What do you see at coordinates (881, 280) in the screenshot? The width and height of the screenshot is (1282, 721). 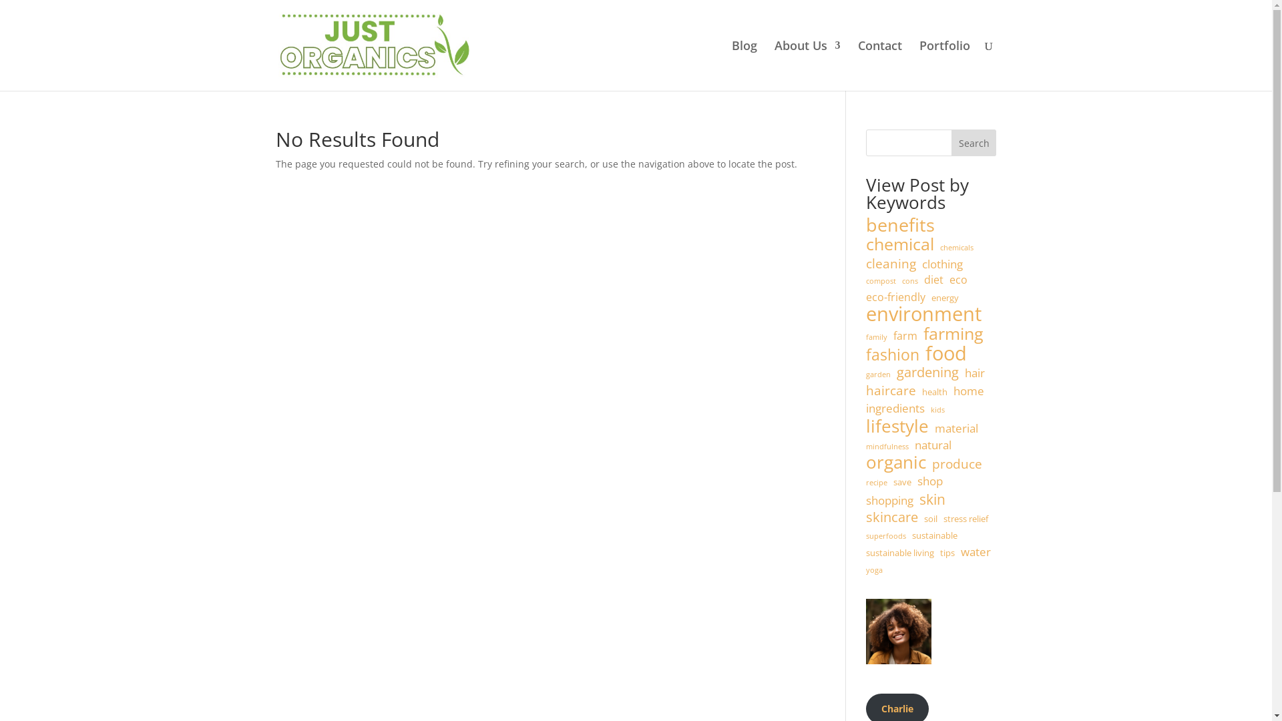 I see `'compost'` at bounding box center [881, 280].